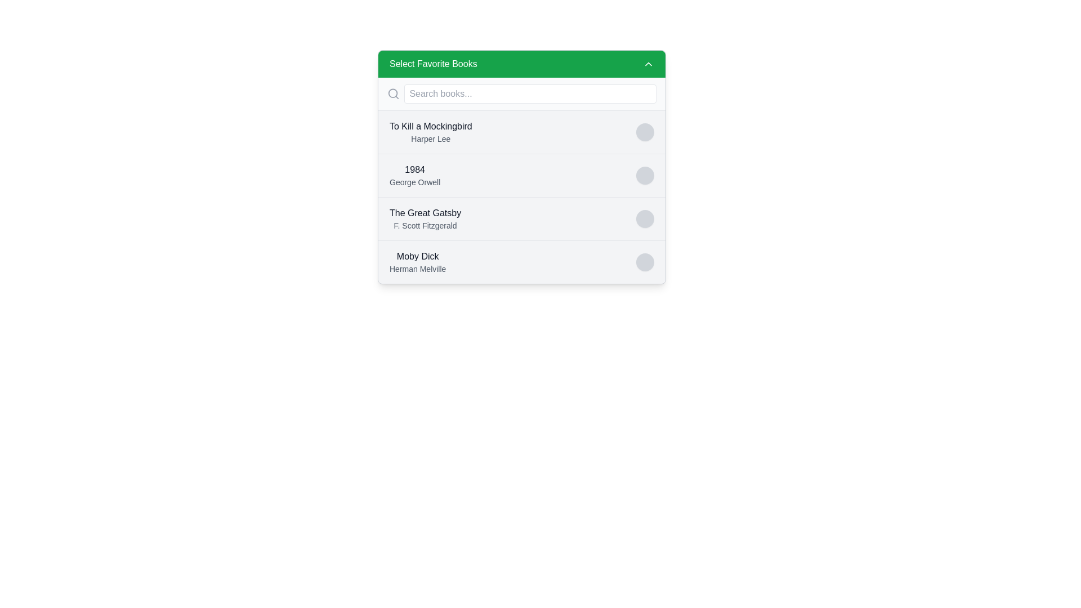 The image size is (1081, 608). I want to click on the list item displaying the title '1984' and subtitle 'George Orwell', which is the second item in a list of four items, so click(521, 196).